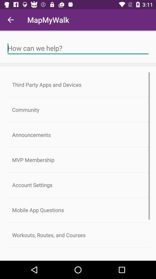  I want to click on the community, so click(78, 109).